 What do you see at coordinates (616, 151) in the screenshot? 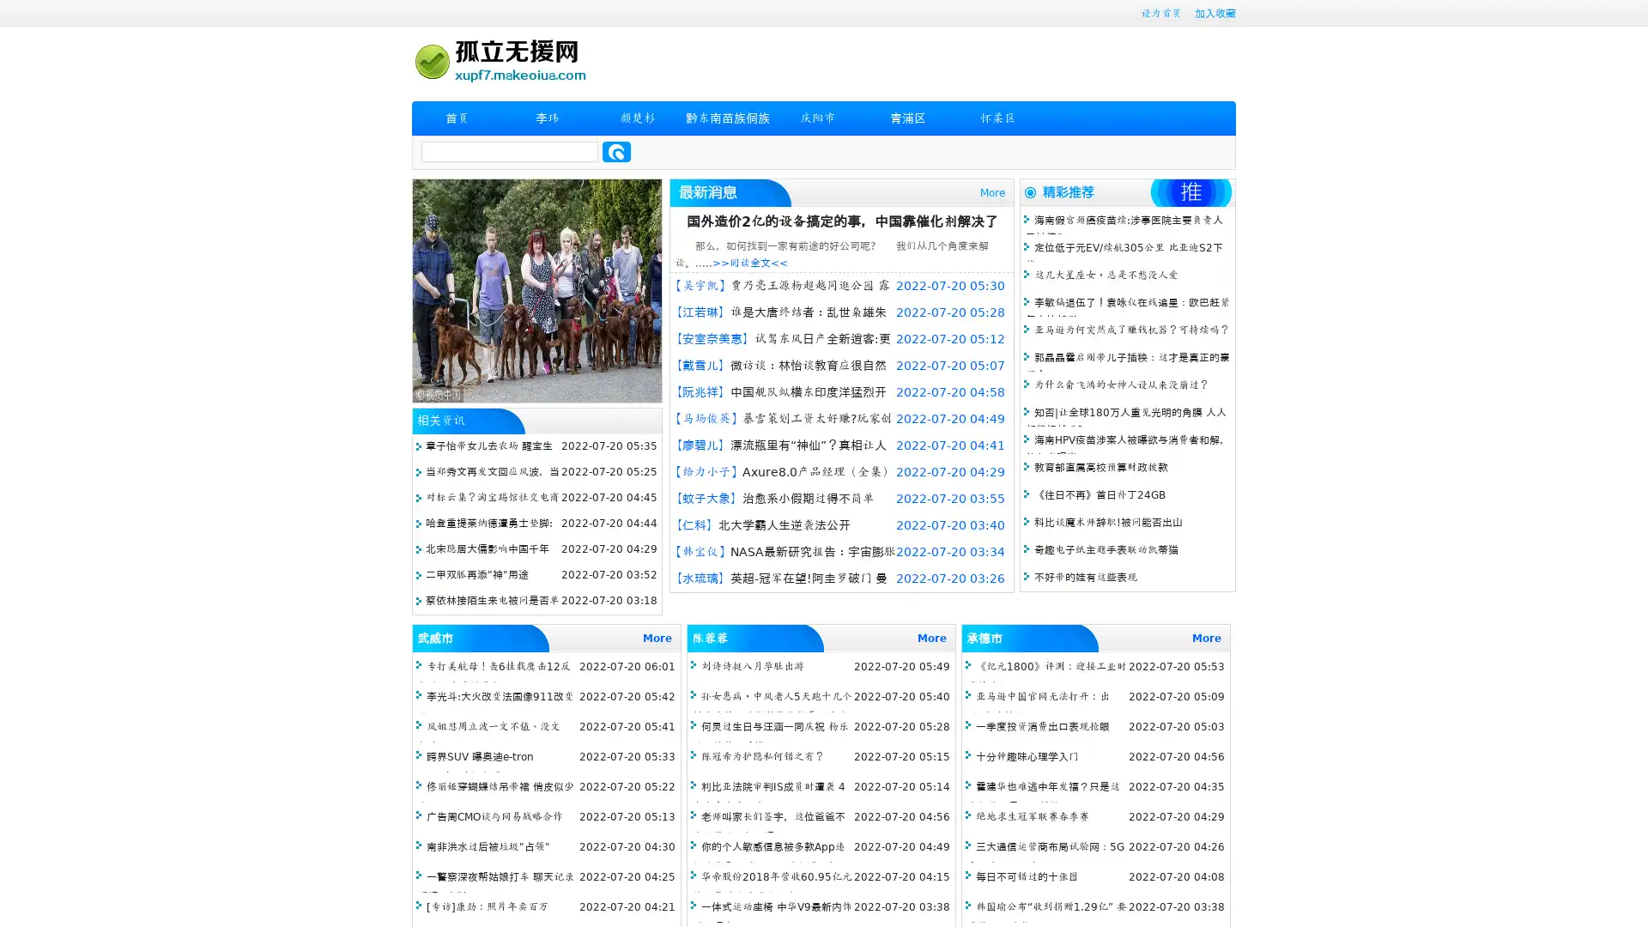
I see `Search` at bounding box center [616, 151].